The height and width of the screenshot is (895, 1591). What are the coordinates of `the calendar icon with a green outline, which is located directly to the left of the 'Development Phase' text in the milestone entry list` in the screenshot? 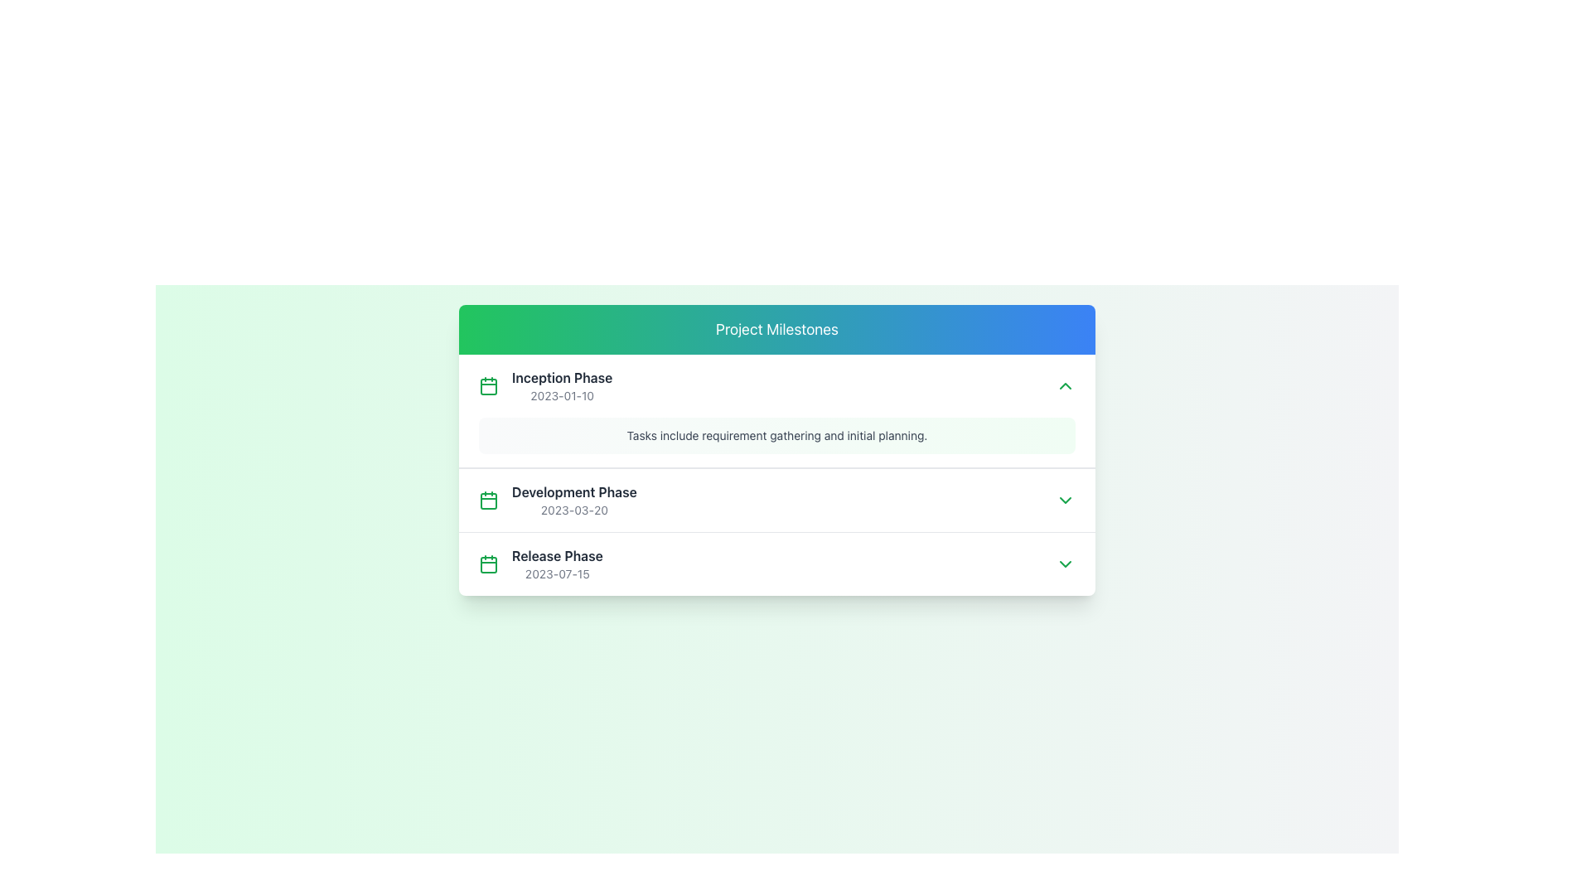 It's located at (488, 500).